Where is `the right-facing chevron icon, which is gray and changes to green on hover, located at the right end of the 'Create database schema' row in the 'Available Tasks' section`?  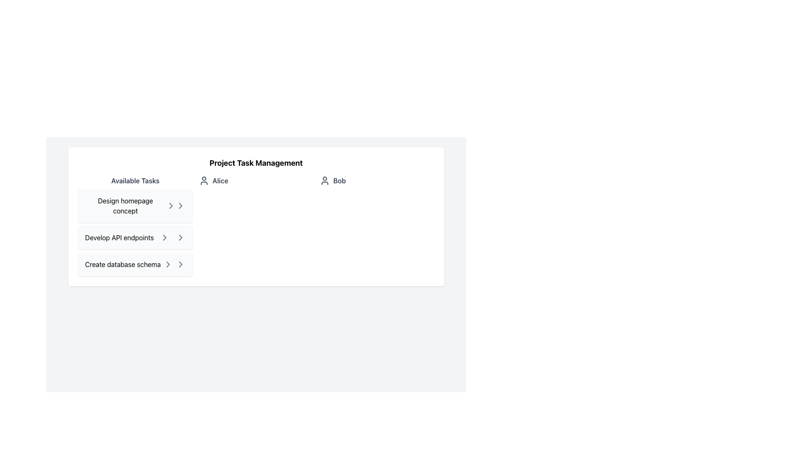 the right-facing chevron icon, which is gray and changes to green on hover, located at the right end of the 'Create database schema' row in the 'Available Tasks' section is located at coordinates (180, 265).